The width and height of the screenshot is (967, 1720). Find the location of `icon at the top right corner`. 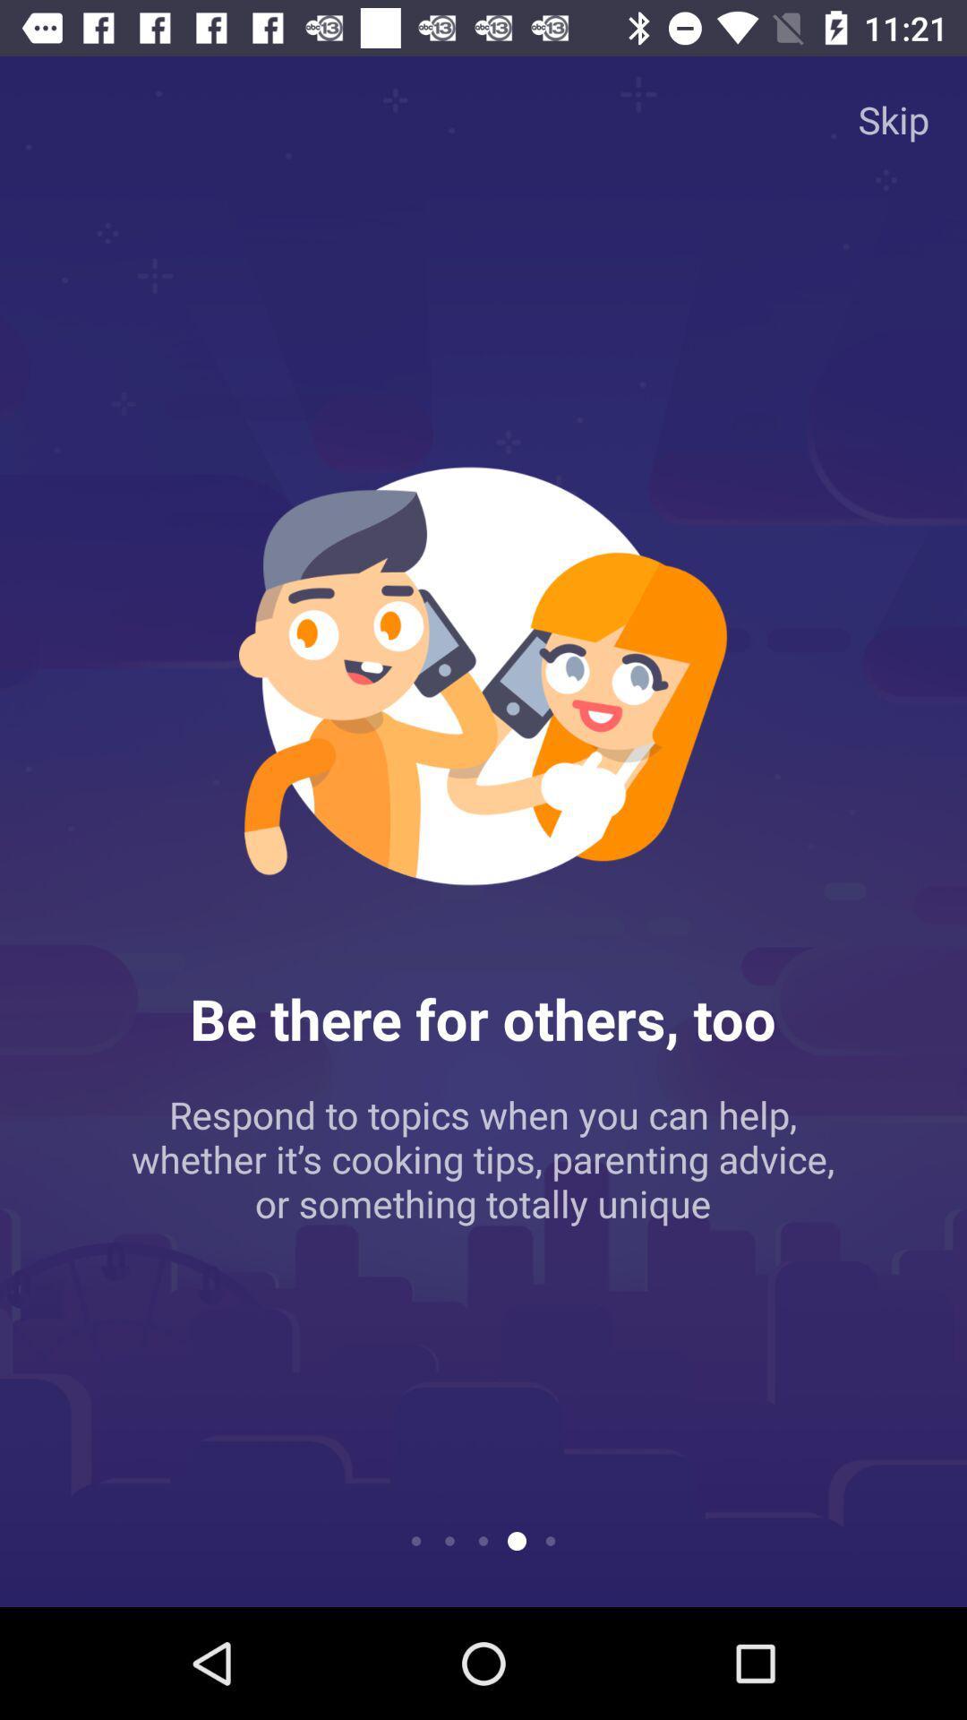

icon at the top right corner is located at coordinates (894, 118).